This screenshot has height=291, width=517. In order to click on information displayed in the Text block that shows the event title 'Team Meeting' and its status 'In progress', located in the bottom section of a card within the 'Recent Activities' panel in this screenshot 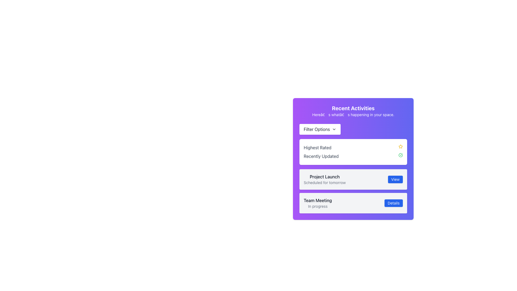, I will do `click(318, 203)`.